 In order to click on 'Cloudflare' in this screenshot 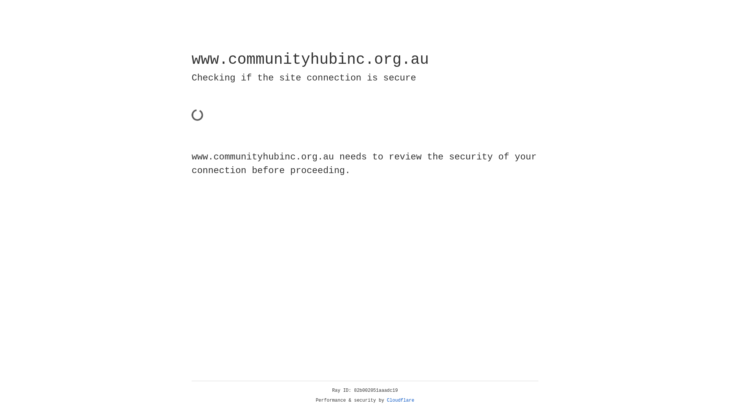, I will do `click(400, 400)`.